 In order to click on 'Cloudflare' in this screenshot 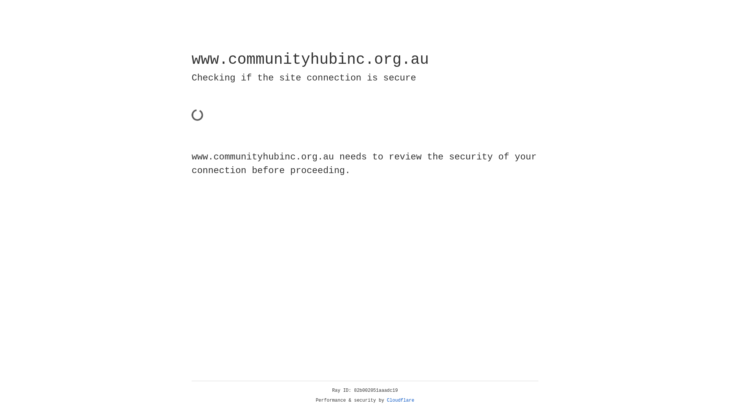, I will do `click(400, 400)`.